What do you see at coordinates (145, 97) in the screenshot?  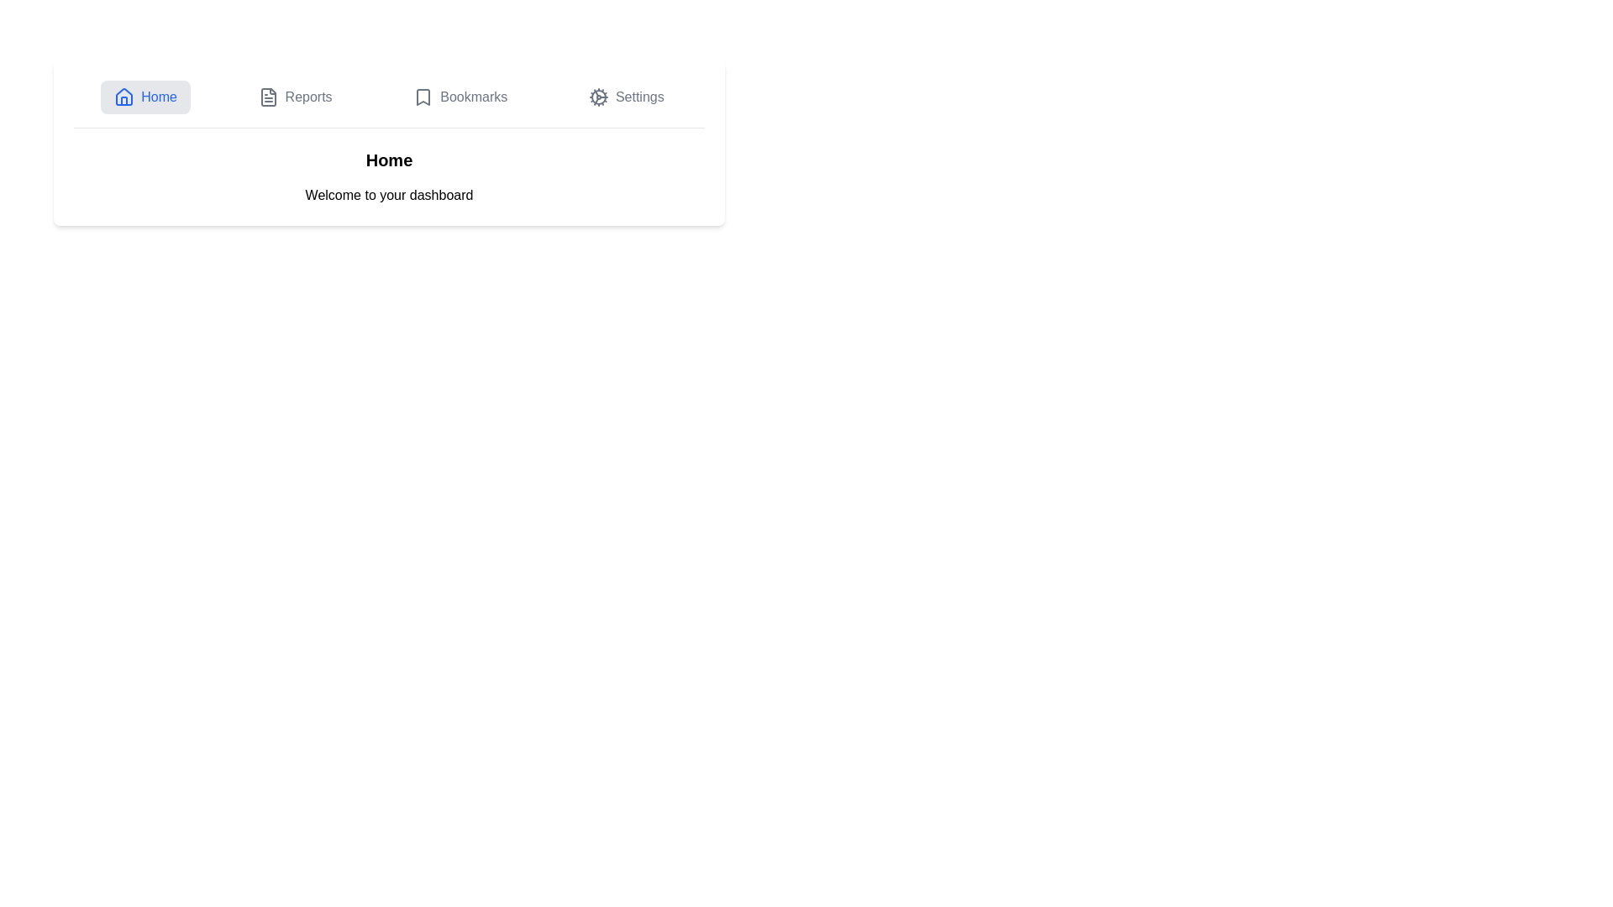 I see `the 'Home' button in the navigation bar, which is styled with a light blue rounded rectangle and contains a house icon and the label 'Home'` at bounding box center [145, 97].